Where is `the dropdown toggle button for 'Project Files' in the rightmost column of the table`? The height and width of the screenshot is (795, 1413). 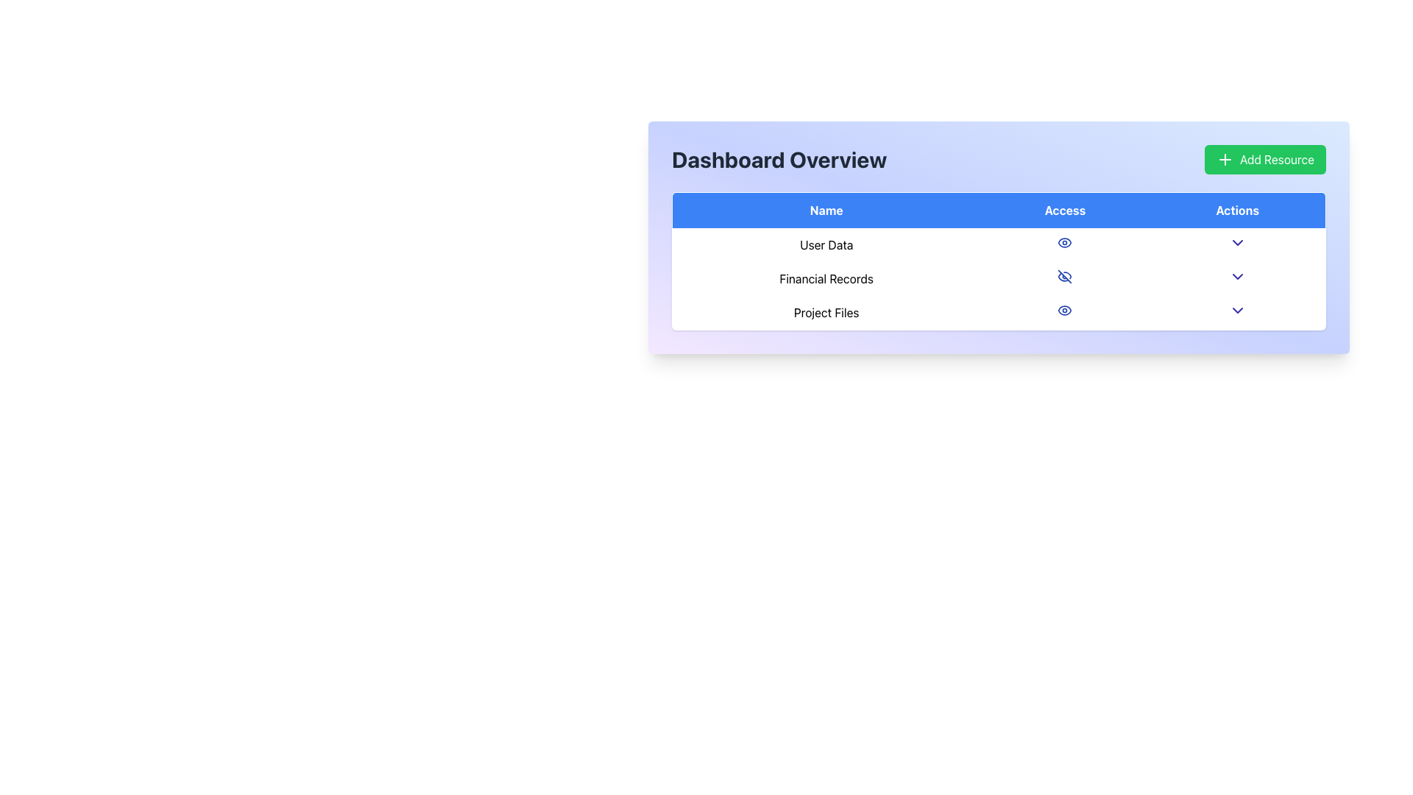
the dropdown toggle button for 'Project Files' in the rightmost column of the table is located at coordinates (1236, 312).